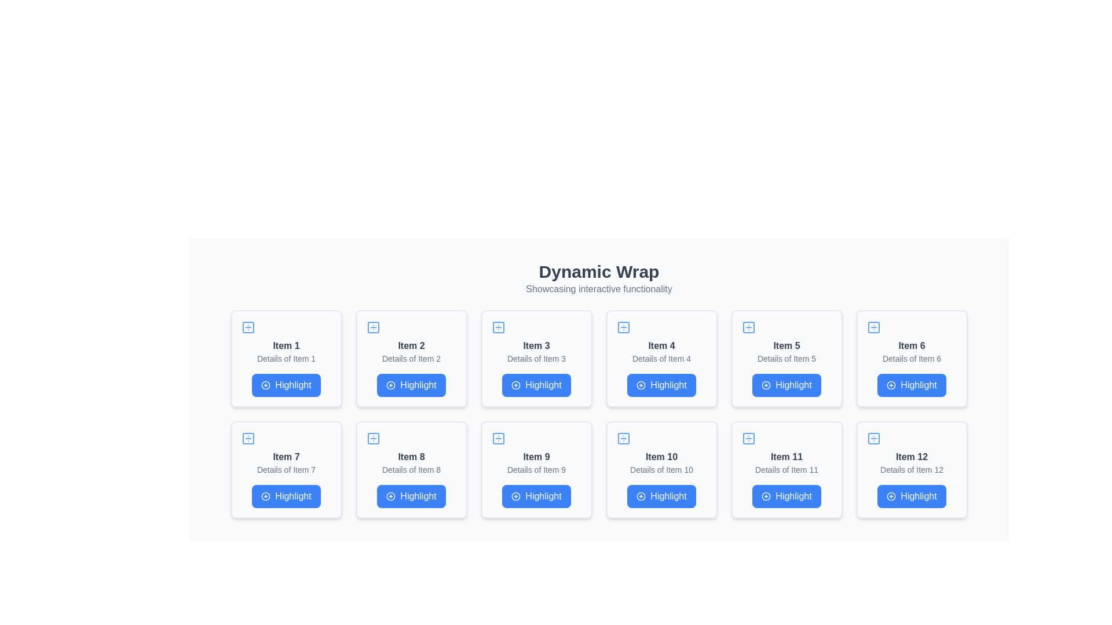 This screenshot has height=625, width=1112. I want to click on the minimalist icon located in the upper-left corner of the card for 'Item 7', positioned directly above the label 'Item 7', so click(247, 439).